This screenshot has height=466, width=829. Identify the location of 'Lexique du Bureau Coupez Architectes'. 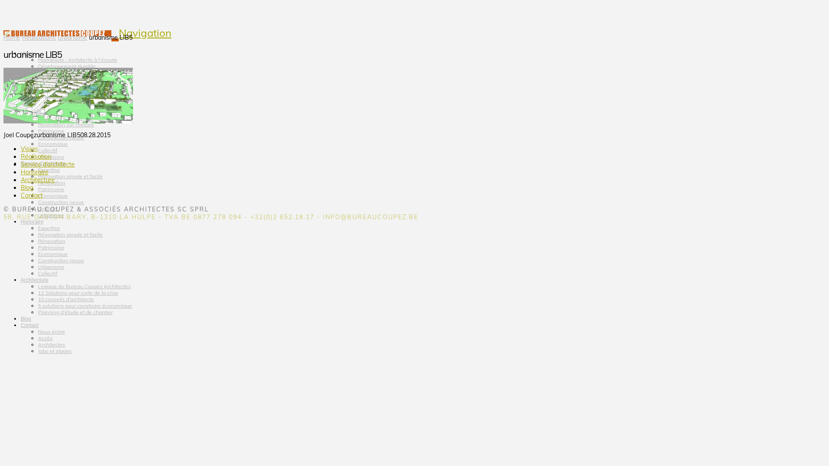
(84, 286).